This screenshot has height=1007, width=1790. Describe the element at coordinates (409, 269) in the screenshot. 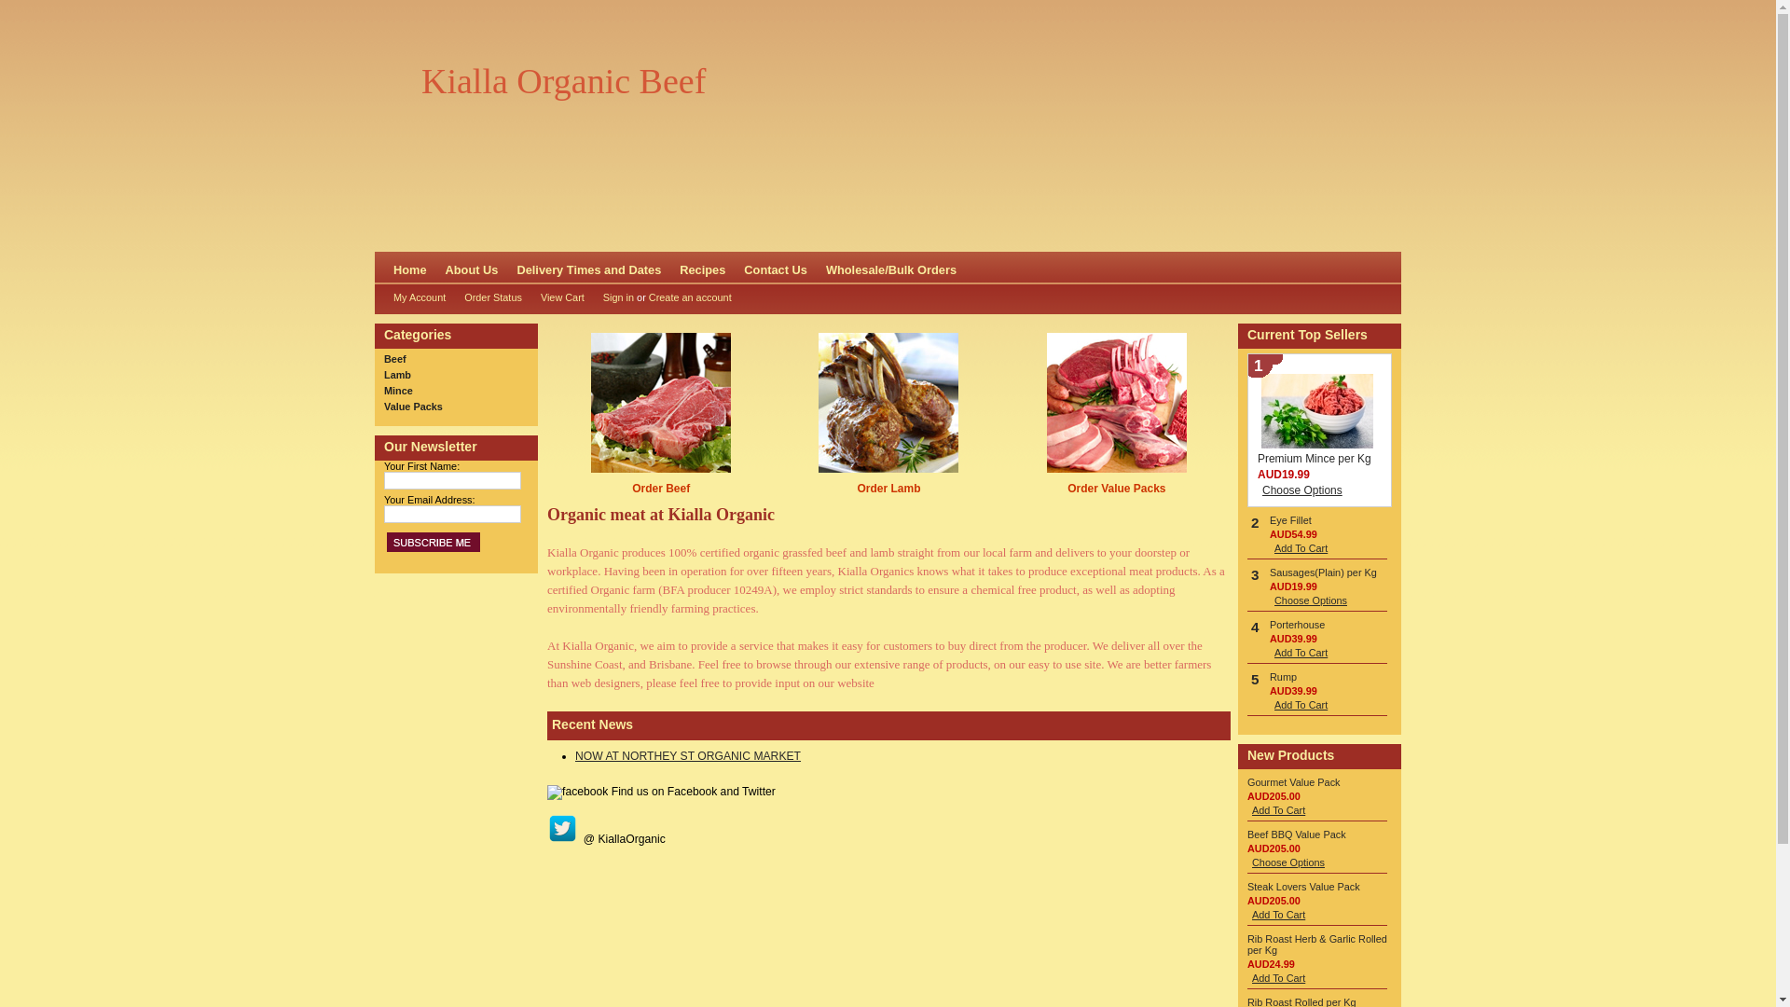

I see `'Home'` at that location.